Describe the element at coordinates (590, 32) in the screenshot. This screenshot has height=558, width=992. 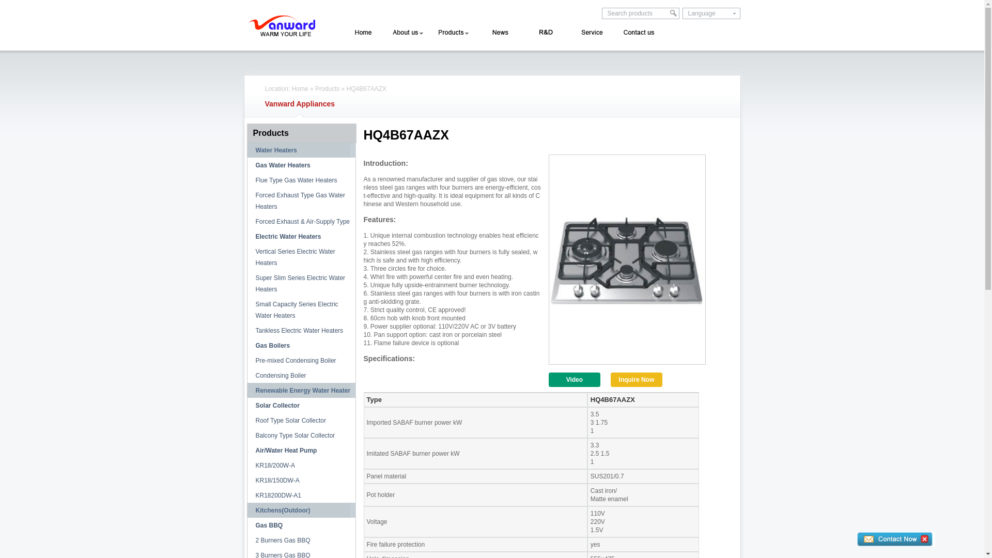
I see `'Service'` at that location.